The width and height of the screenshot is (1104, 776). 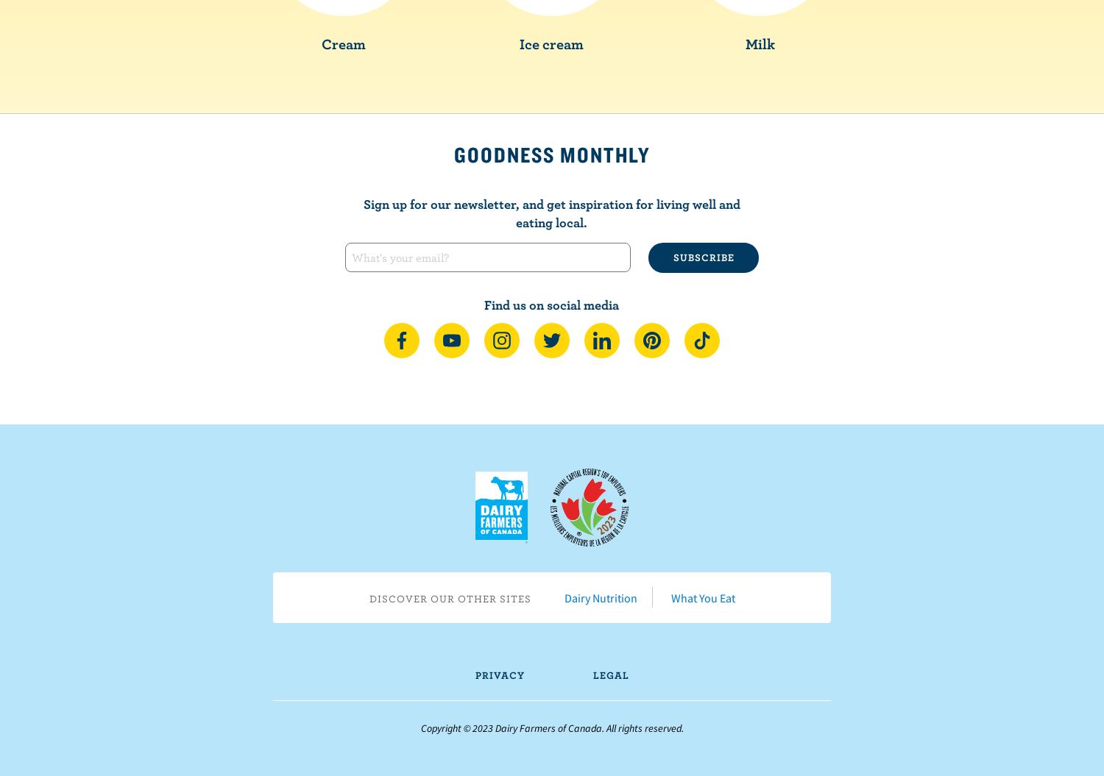 I want to click on 'Sign up for our newsletter, and get inspiration for living well and eating local.', so click(x=550, y=212).